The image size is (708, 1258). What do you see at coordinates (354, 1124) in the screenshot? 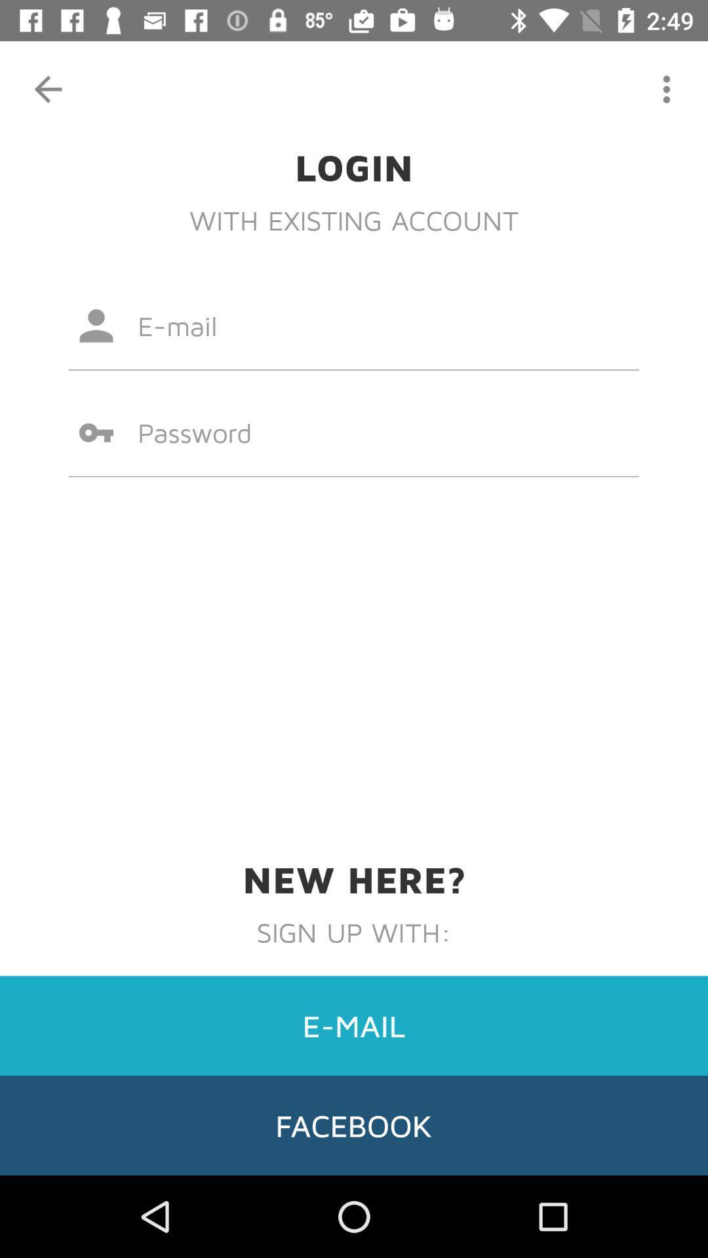
I see `facebook item` at bounding box center [354, 1124].